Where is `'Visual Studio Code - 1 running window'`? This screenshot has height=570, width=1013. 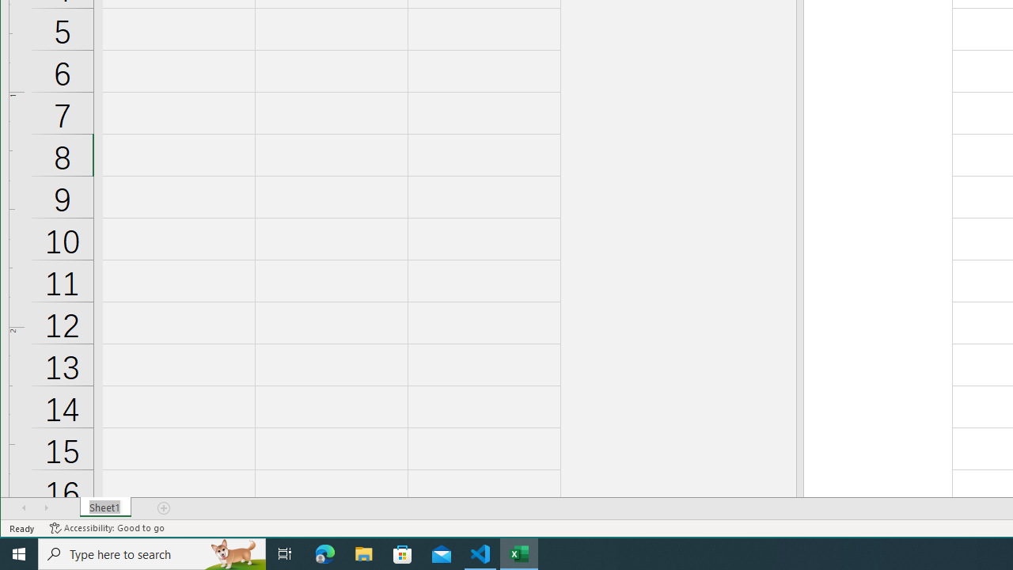
'Visual Studio Code - 1 running window' is located at coordinates (480, 553).